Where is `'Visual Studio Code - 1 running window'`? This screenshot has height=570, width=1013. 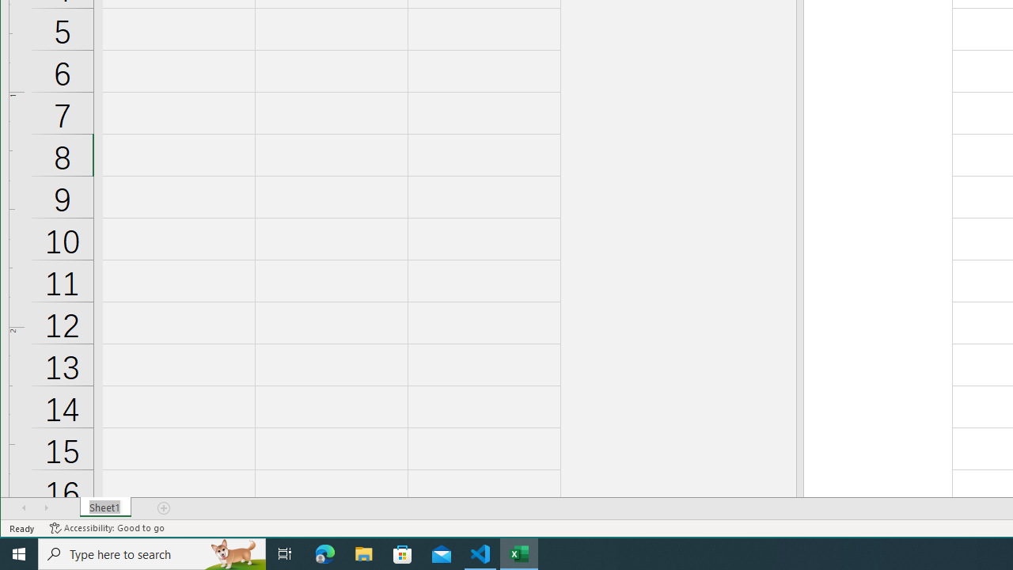
'Visual Studio Code - 1 running window' is located at coordinates (480, 553).